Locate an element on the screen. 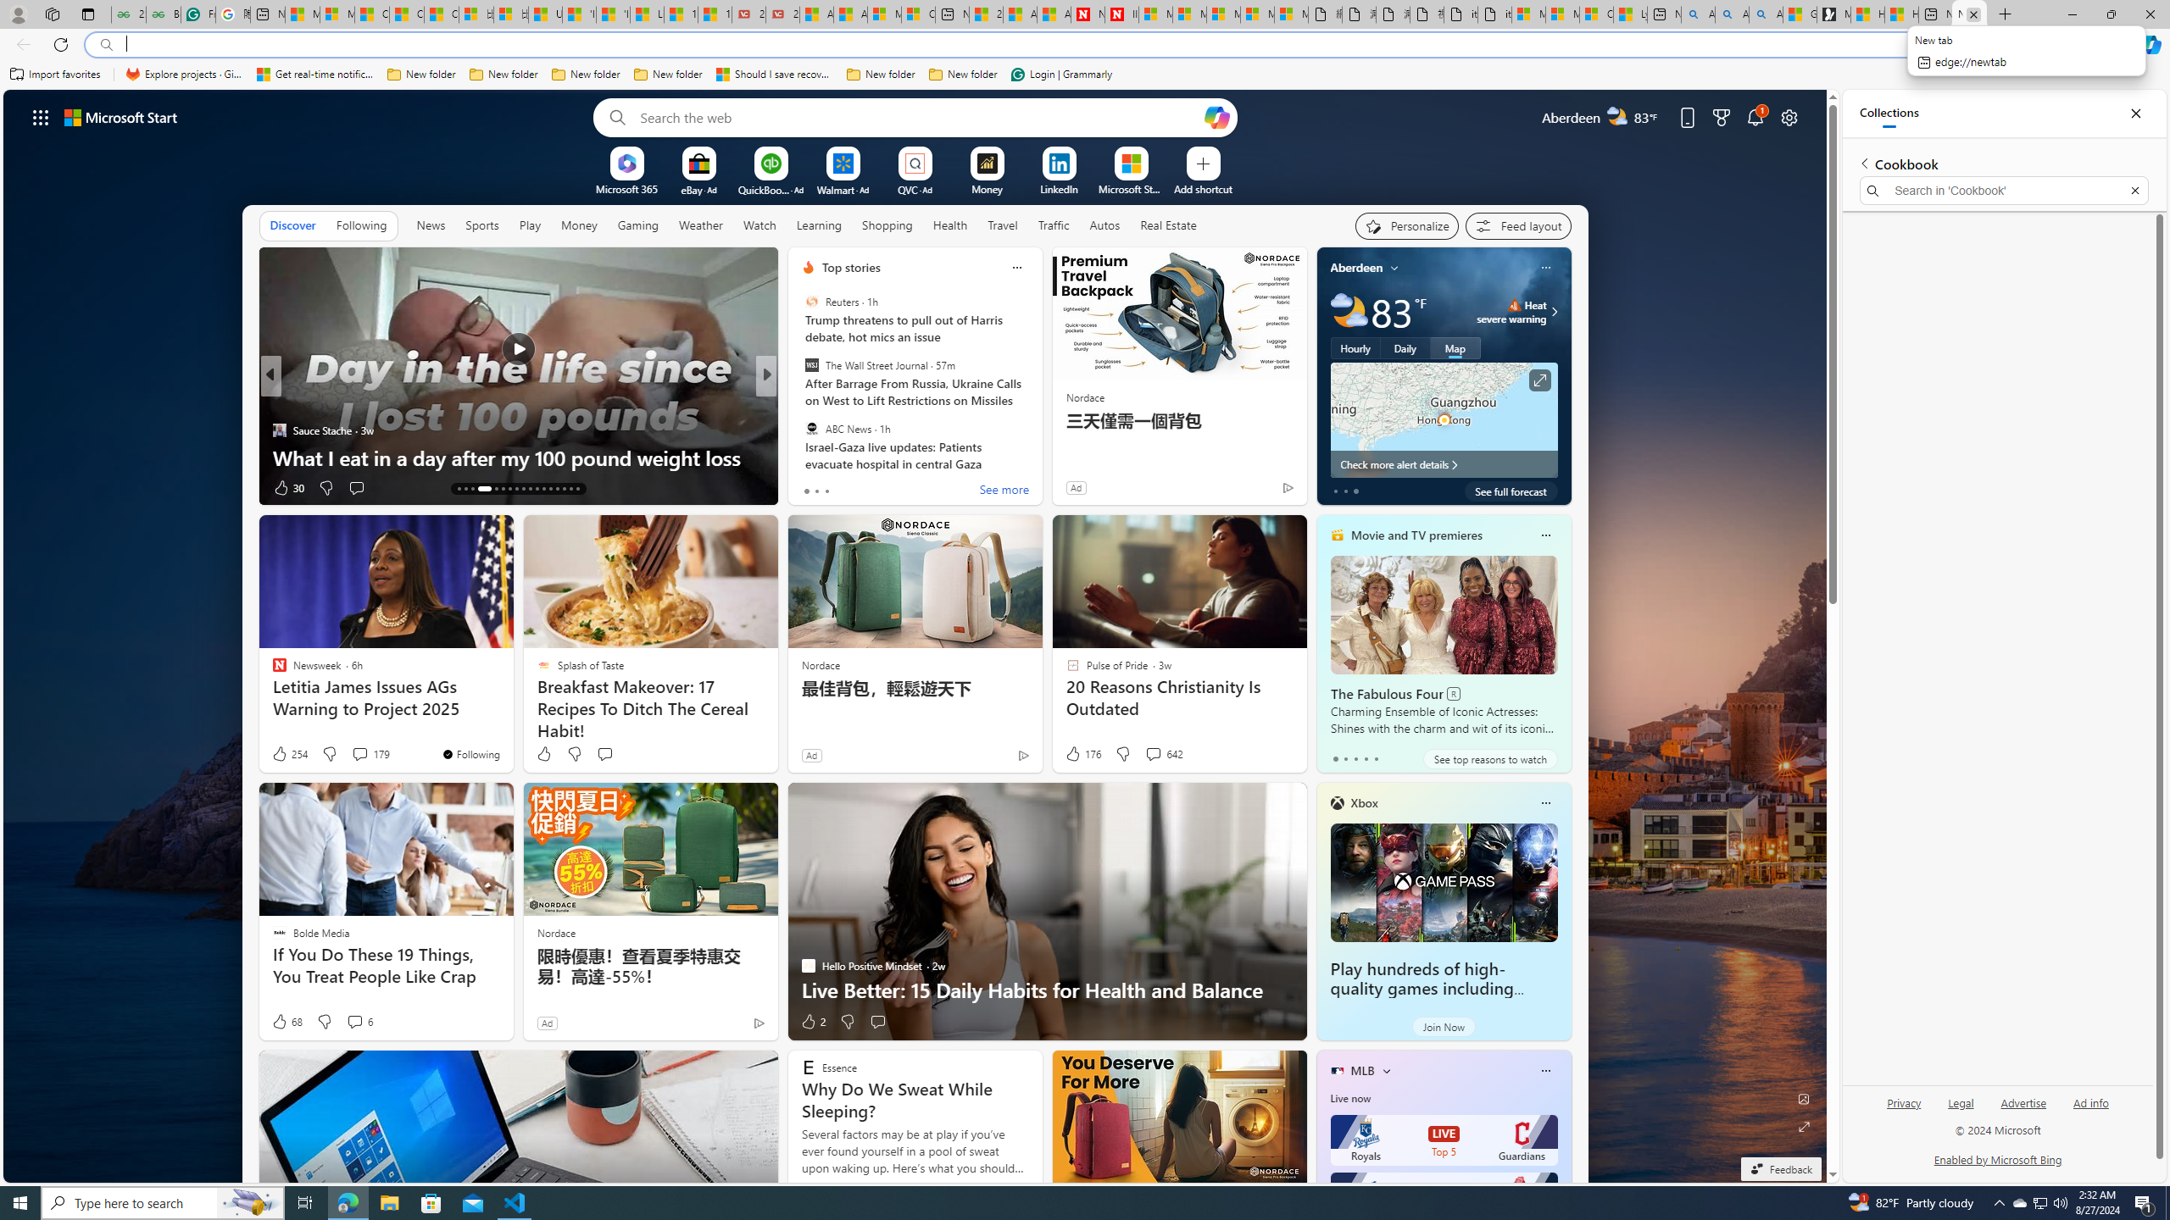 Image resolution: width=2170 pixels, height=1220 pixels. 'Google is a monopoly. The fix isn' is located at coordinates (1040, 457).